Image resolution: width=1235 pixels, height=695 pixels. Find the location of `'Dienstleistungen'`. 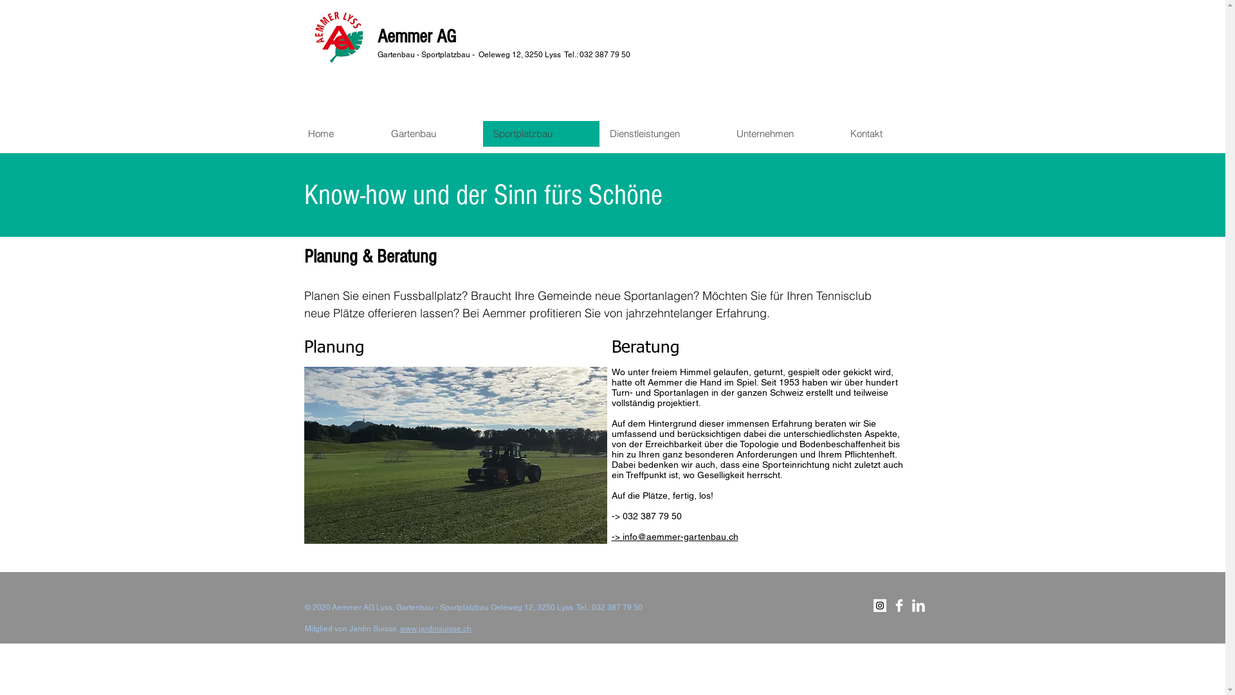

'Dienstleistungen' is located at coordinates (663, 134).